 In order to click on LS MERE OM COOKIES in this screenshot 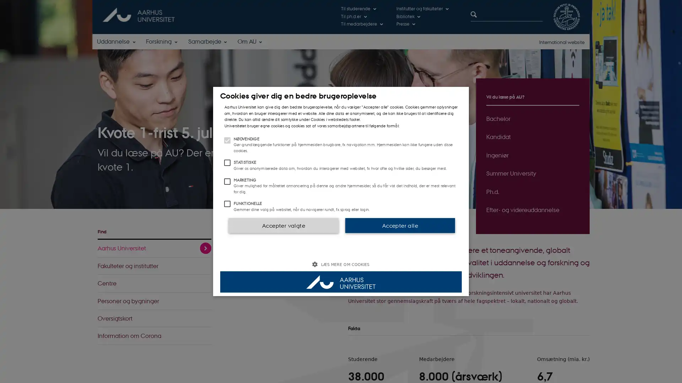, I will do `click(341, 264)`.